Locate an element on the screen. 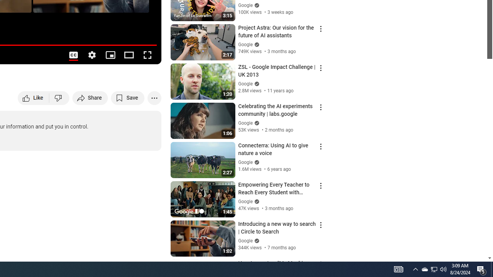  'Full screen (f)' is located at coordinates (147, 54).